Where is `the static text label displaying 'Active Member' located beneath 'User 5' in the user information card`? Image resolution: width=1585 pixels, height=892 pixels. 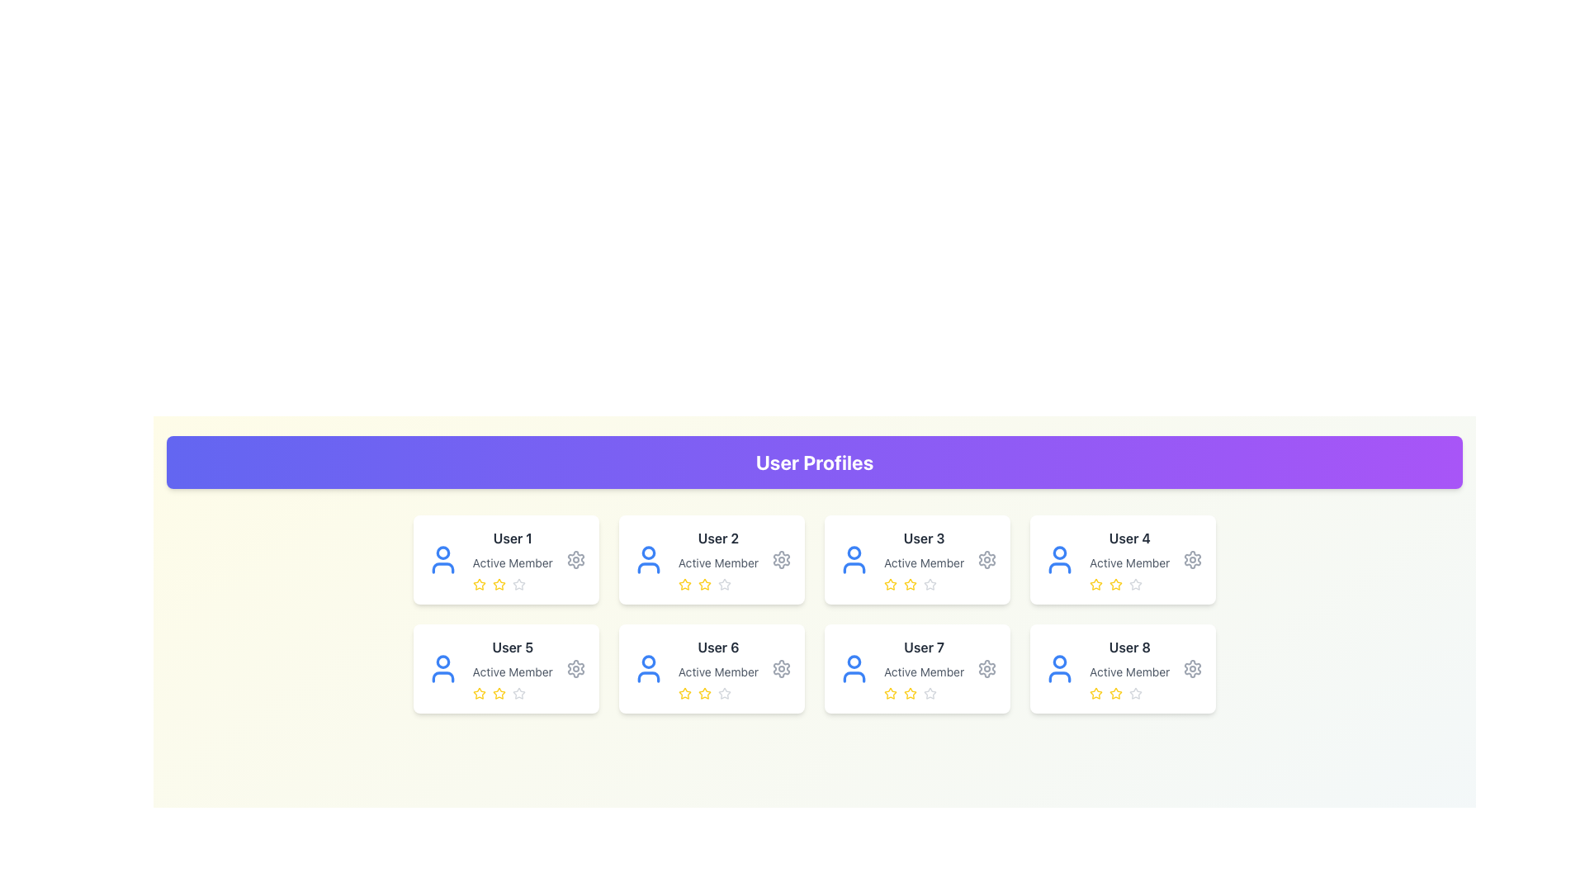 the static text label displaying 'Active Member' located beneath 'User 5' in the user information card is located at coordinates (512, 671).